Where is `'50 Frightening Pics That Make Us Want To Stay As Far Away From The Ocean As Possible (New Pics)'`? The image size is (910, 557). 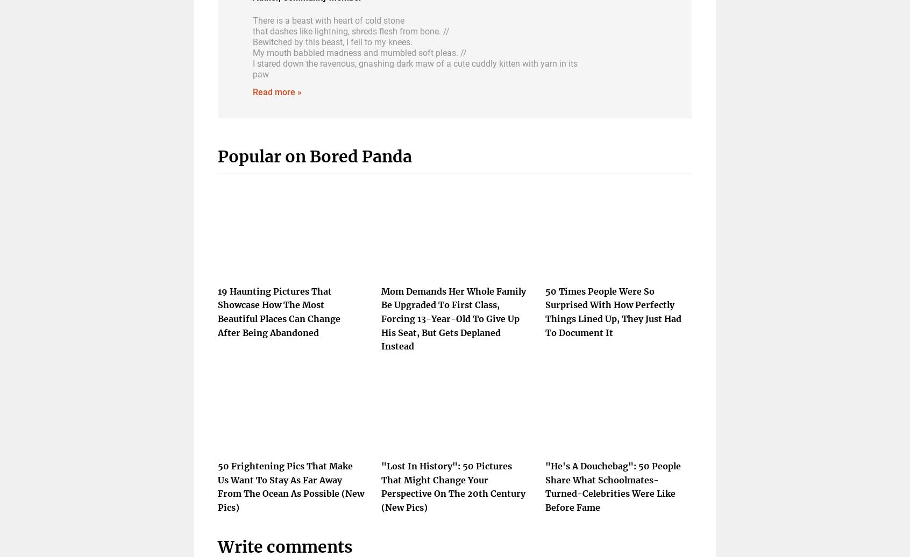
'50 Frightening Pics That Make Us Want To Stay As Far Away From The Ocean As Possible (New Pics)' is located at coordinates (218, 485).